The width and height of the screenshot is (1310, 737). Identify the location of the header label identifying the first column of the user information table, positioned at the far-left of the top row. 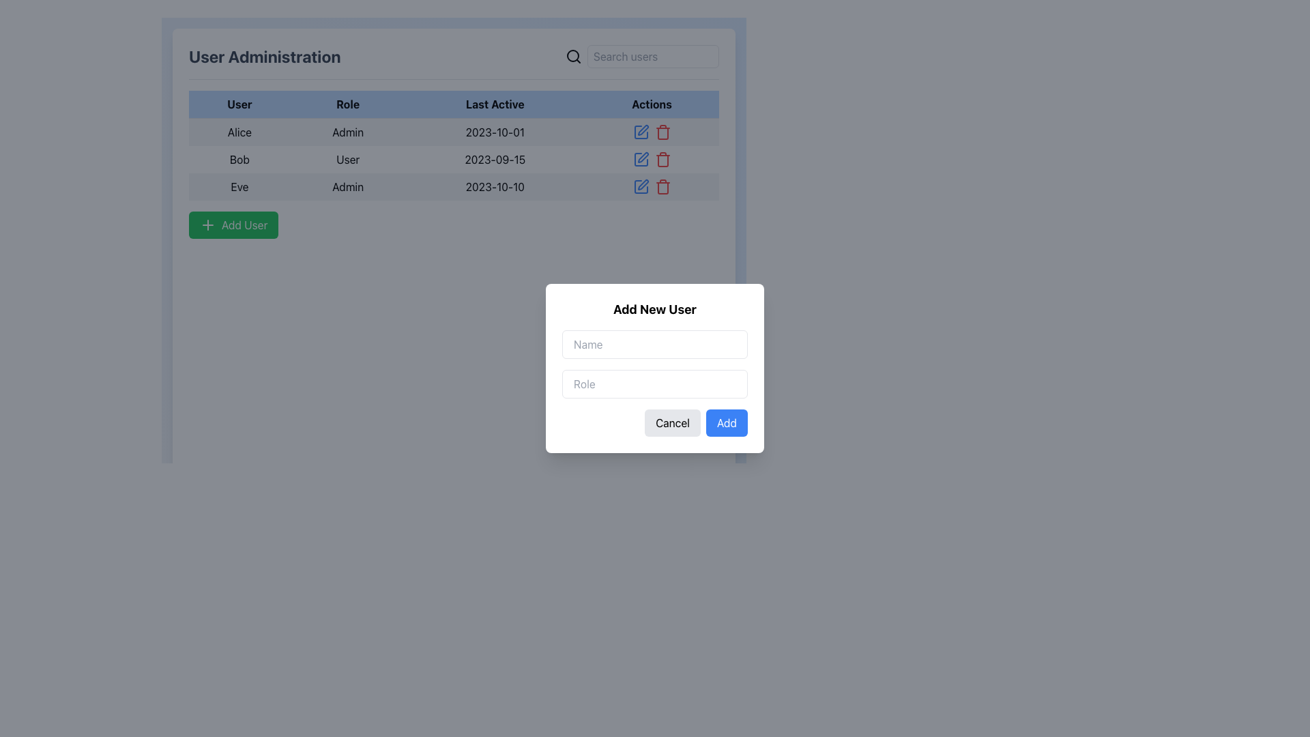
(239, 104).